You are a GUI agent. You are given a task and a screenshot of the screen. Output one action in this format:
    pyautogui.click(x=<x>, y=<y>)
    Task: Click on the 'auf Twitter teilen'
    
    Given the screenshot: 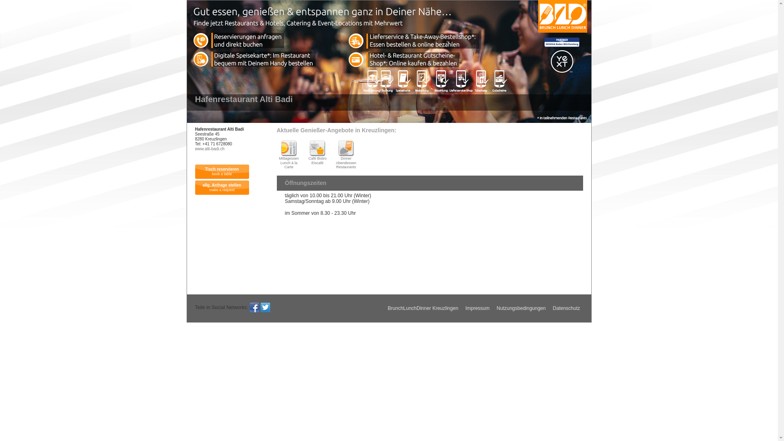 What is the action you would take?
    pyautogui.click(x=260, y=307)
    